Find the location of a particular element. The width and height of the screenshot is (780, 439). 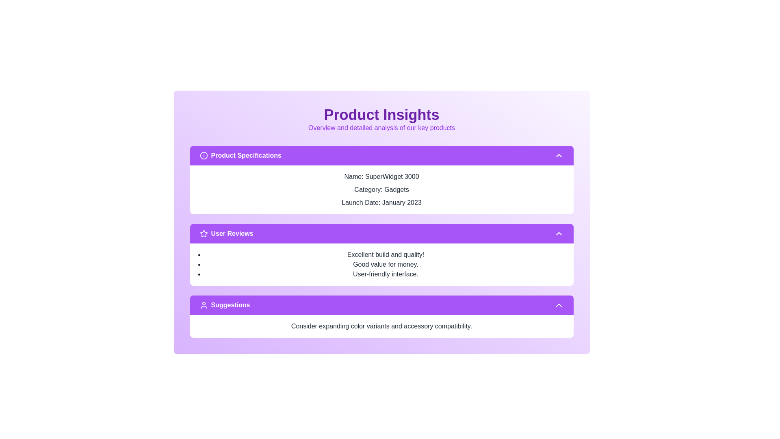

the static text reading 'User-friendly interface.' which is the last item in the 'User Reviews' section of the interface is located at coordinates (385, 274).